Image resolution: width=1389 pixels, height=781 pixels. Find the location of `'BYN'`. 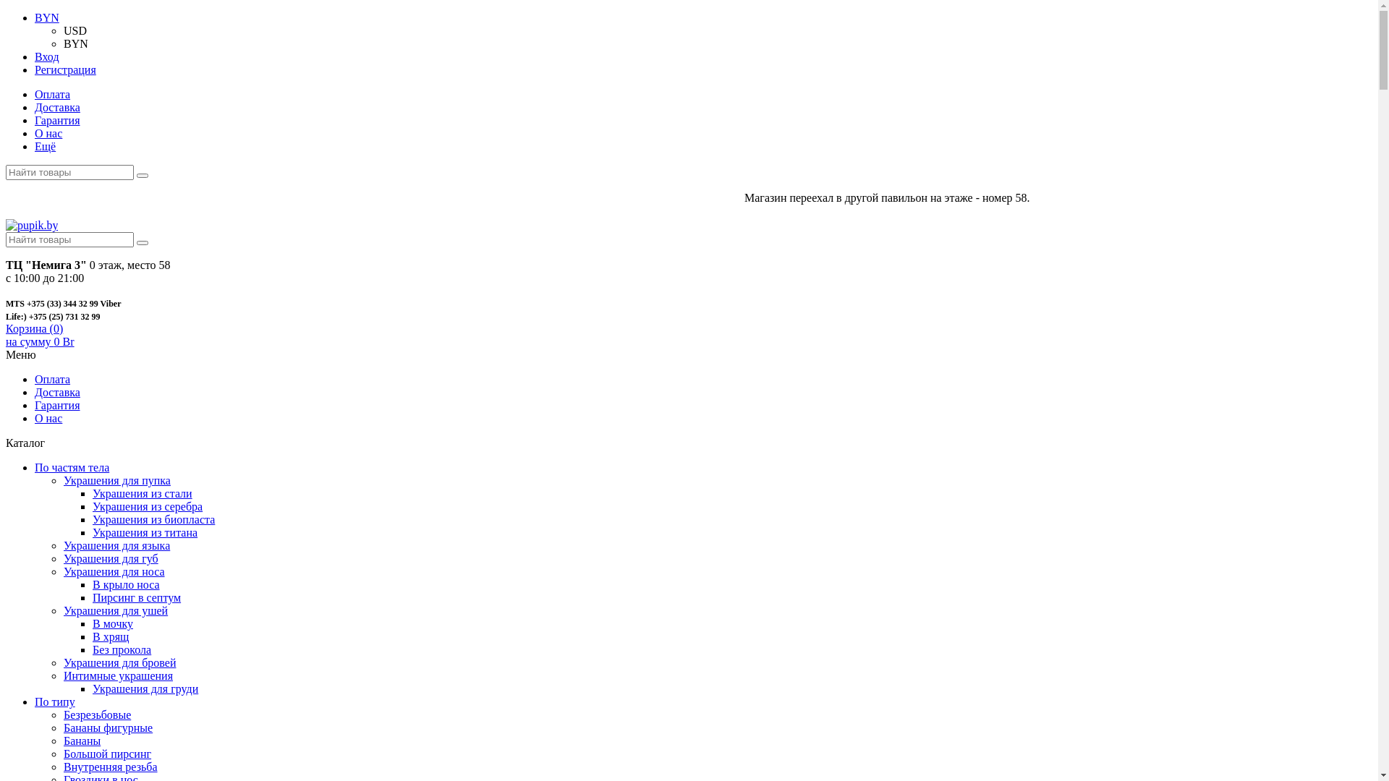

'BYN' is located at coordinates (47, 17).